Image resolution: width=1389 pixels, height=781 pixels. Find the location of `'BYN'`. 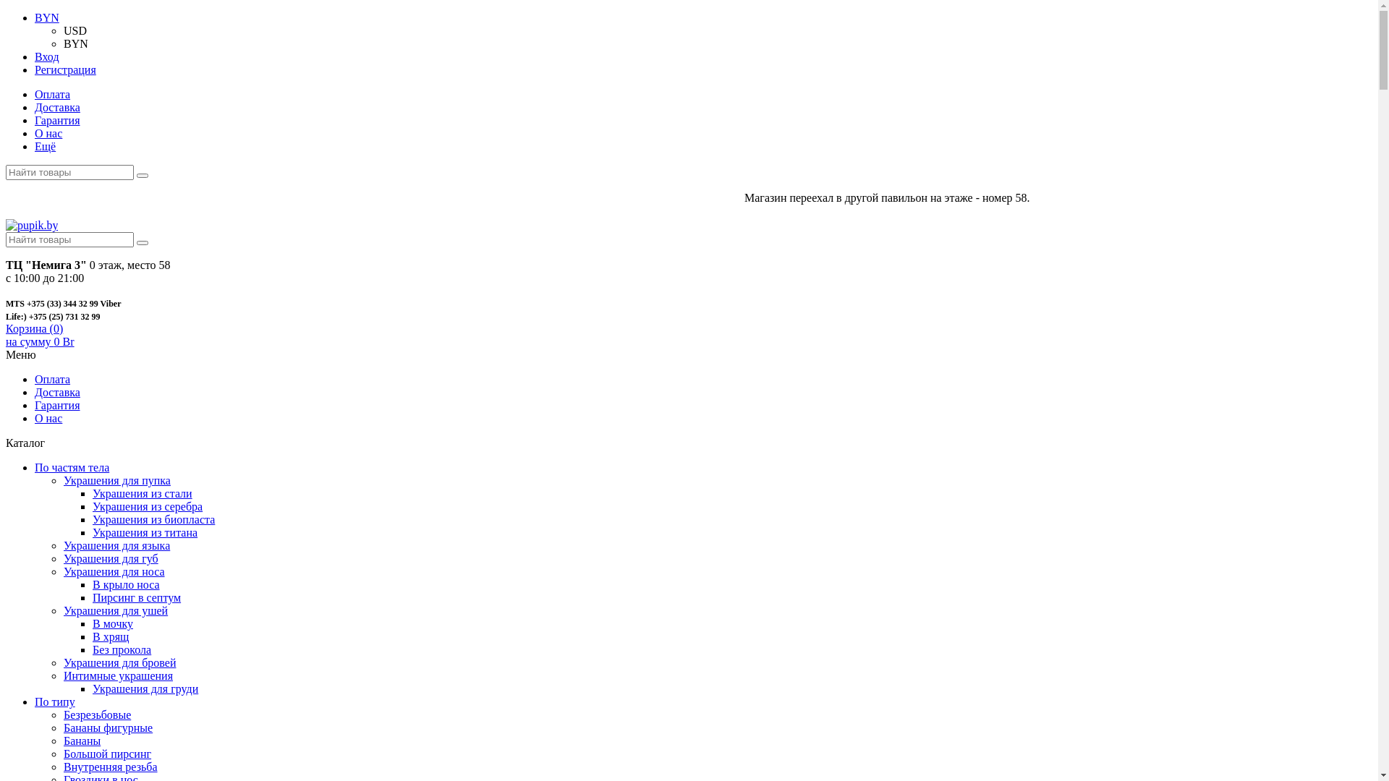

'BYN' is located at coordinates (47, 17).